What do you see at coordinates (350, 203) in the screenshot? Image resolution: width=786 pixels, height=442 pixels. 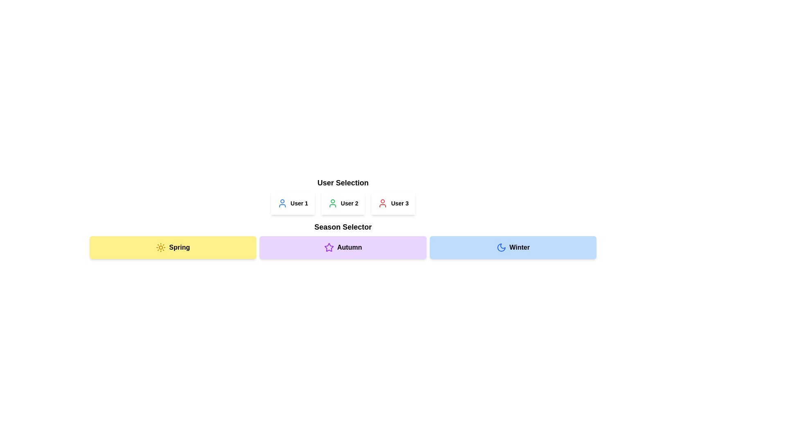 I see `the Text label that indicates the identity of the corresponding user option within the 'User Selection' interface, positioned between 'User 1' and 'User 3'` at bounding box center [350, 203].